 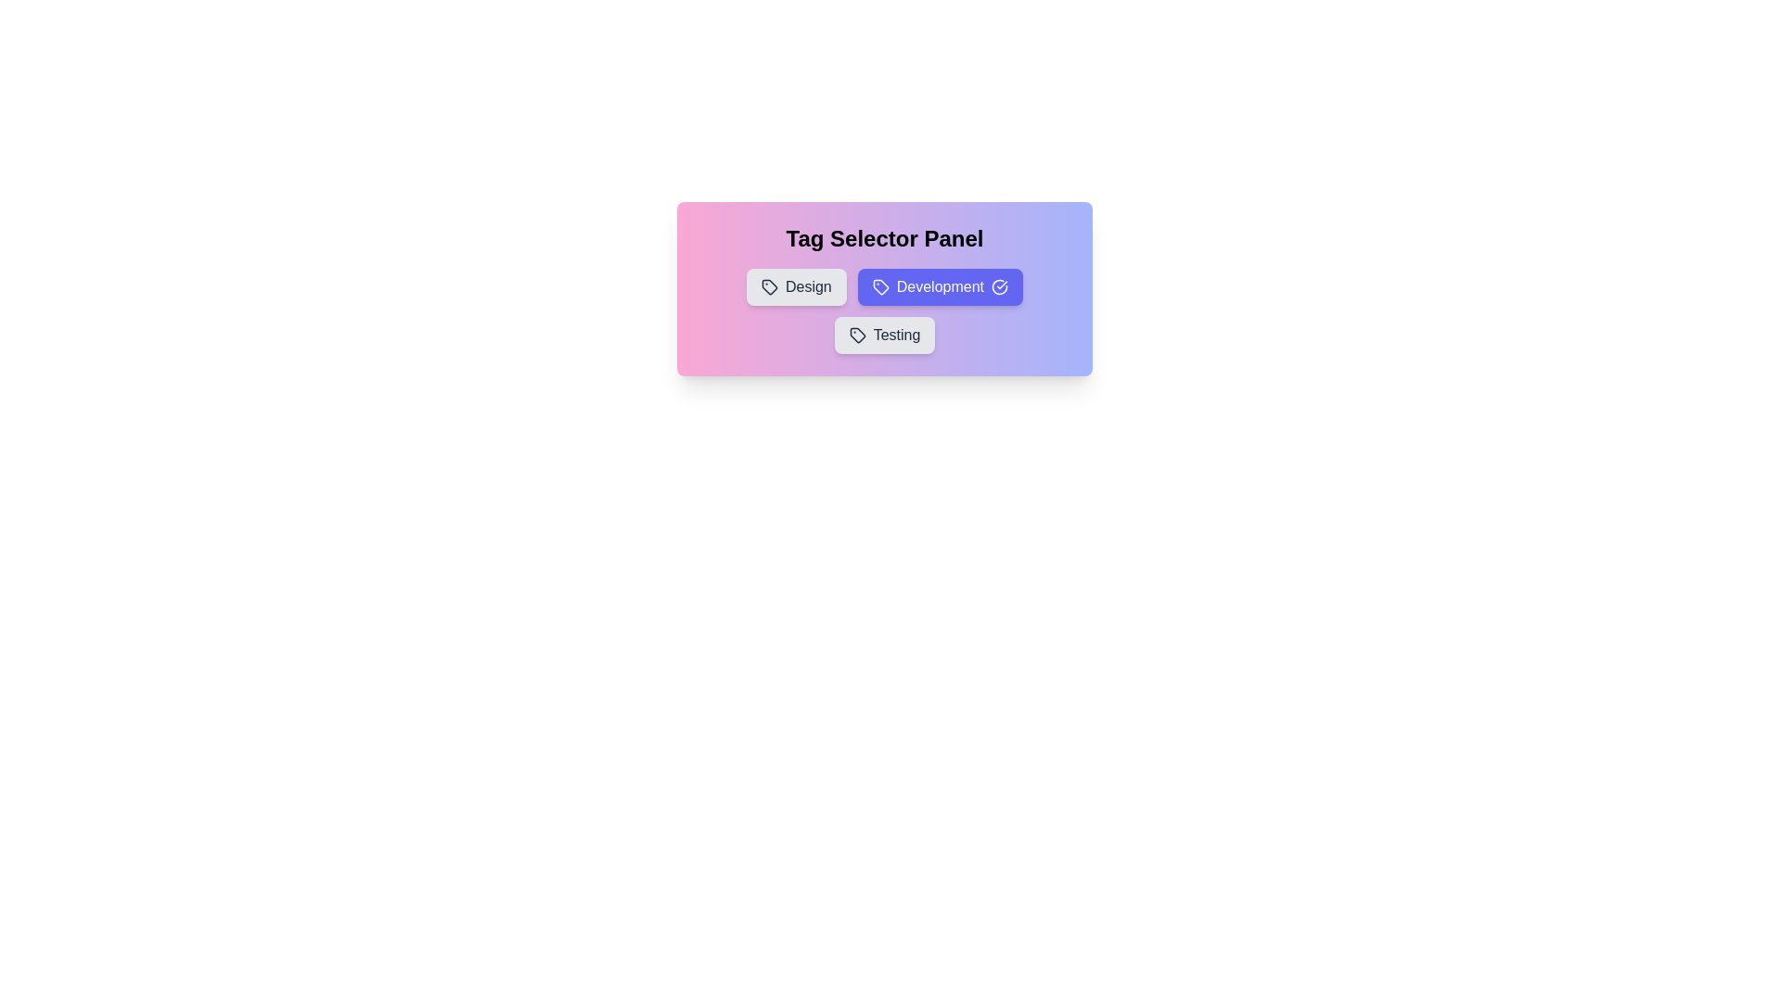 I want to click on the tag labeled Testing, so click(x=884, y=336).